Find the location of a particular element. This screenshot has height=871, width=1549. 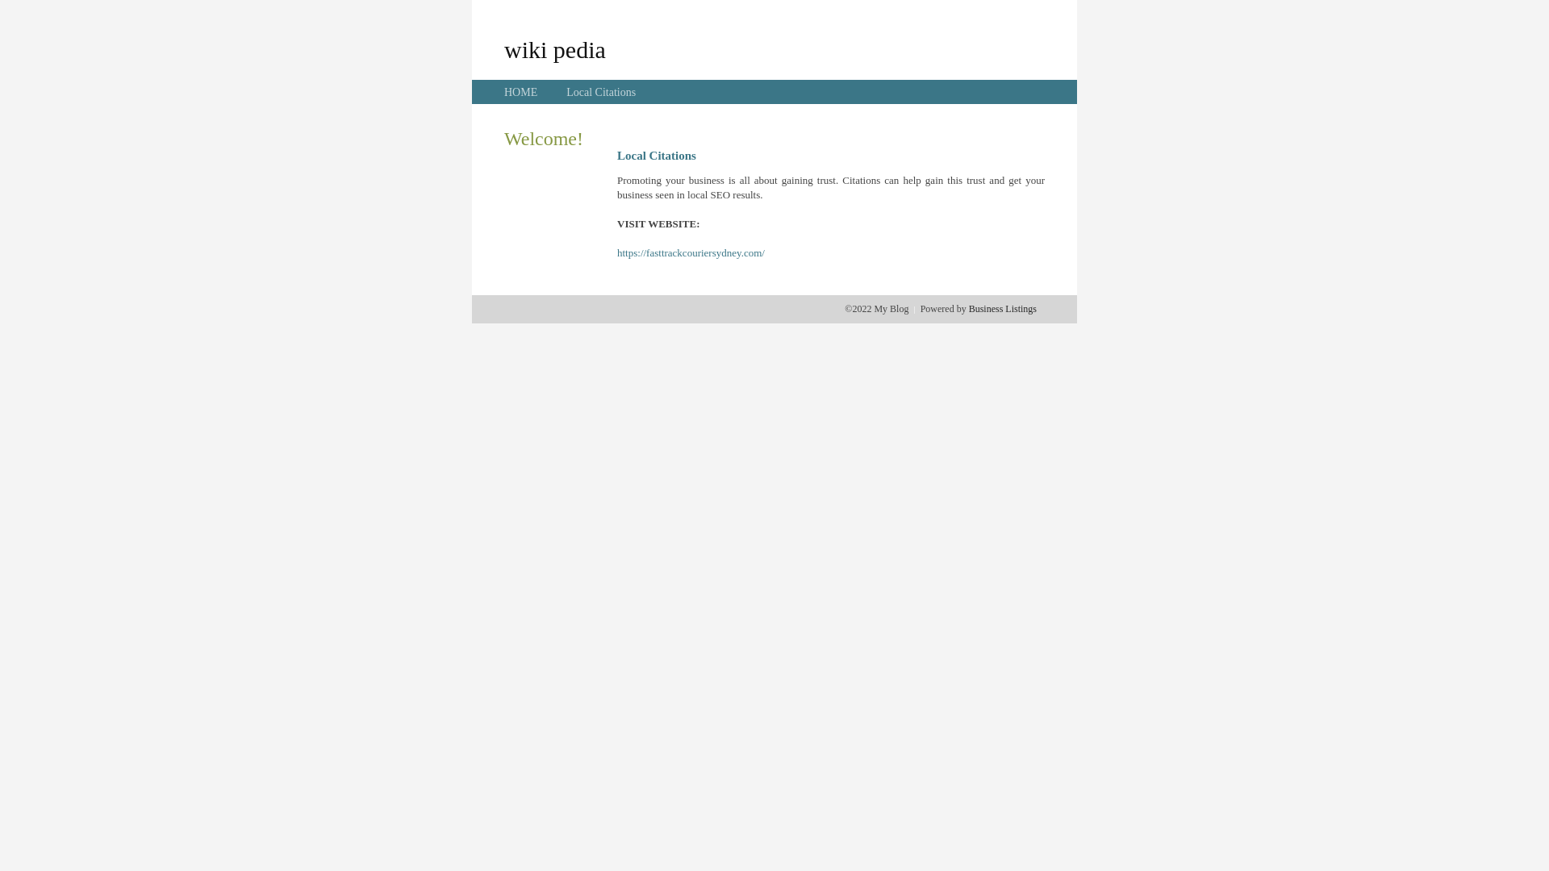

'wiki pedia' is located at coordinates (554, 48).